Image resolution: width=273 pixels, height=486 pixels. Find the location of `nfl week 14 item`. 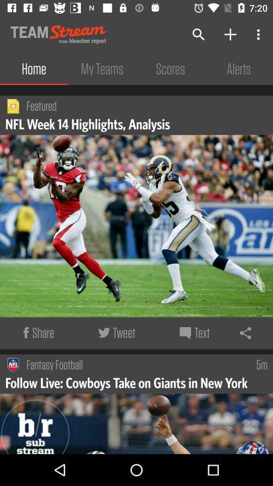

nfl week 14 item is located at coordinates (89, 123).